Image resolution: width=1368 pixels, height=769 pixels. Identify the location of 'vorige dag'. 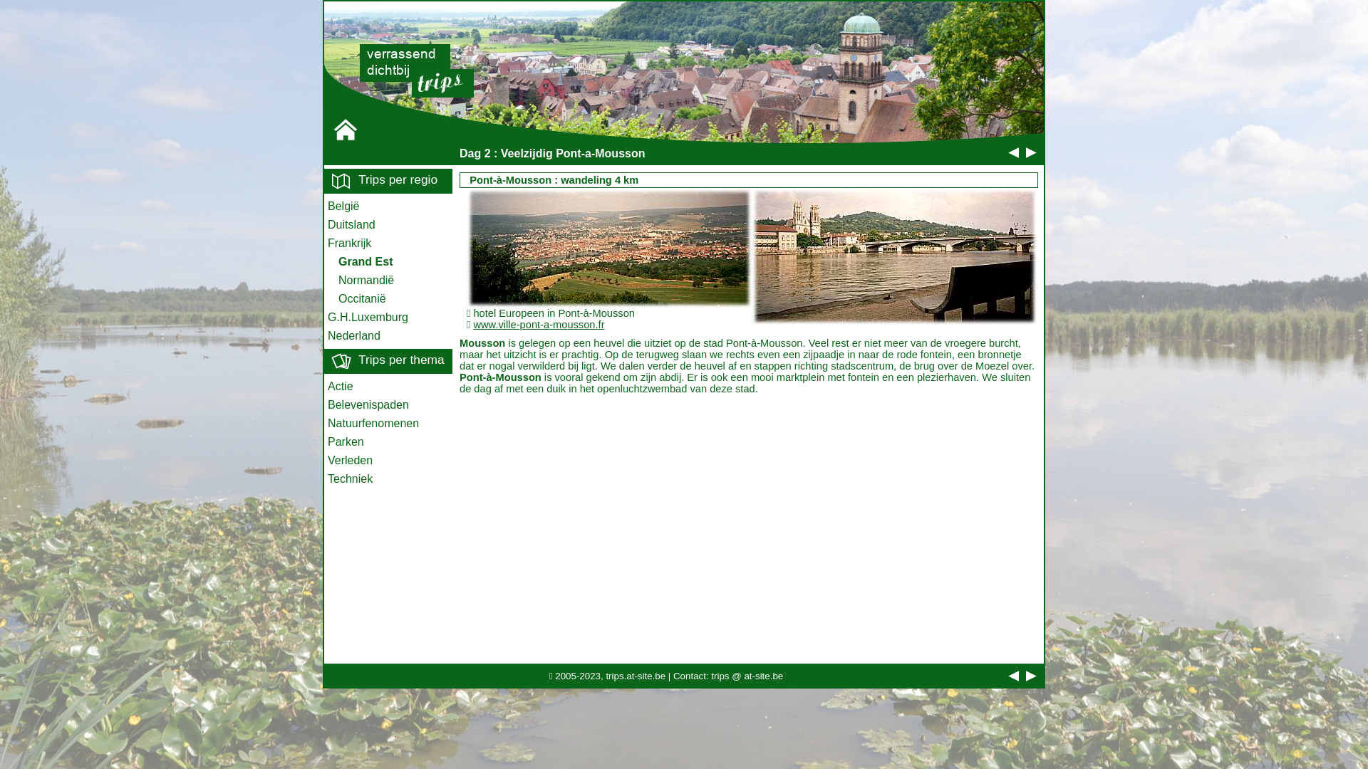
(1007, 675).